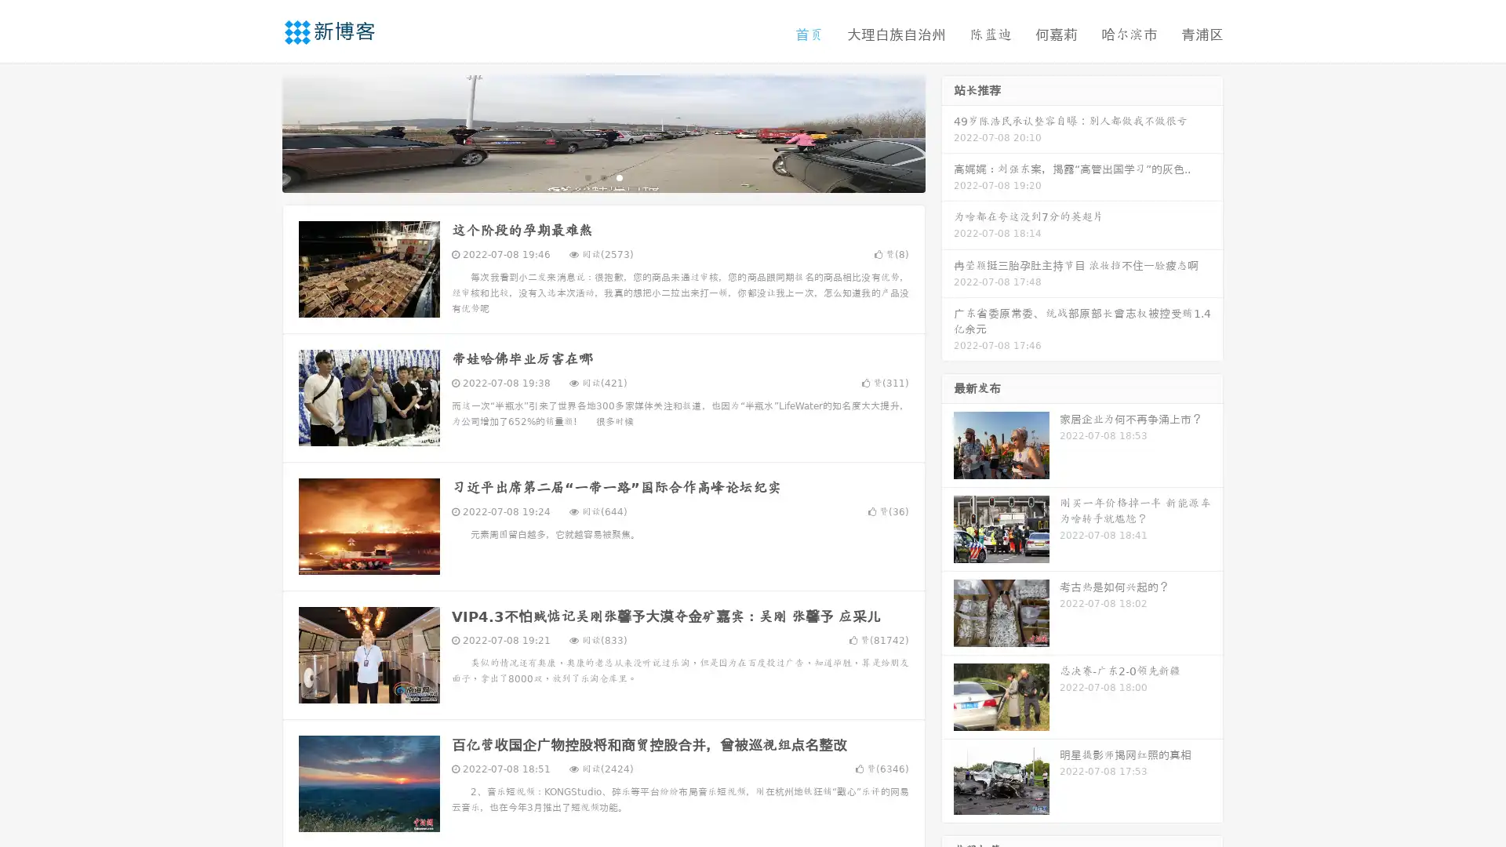 The image size is (1506, 847). What do you see at coordinates (587, 176) in the screenshot?
I see `Go to slide 1` at bounding box center [587, 176].